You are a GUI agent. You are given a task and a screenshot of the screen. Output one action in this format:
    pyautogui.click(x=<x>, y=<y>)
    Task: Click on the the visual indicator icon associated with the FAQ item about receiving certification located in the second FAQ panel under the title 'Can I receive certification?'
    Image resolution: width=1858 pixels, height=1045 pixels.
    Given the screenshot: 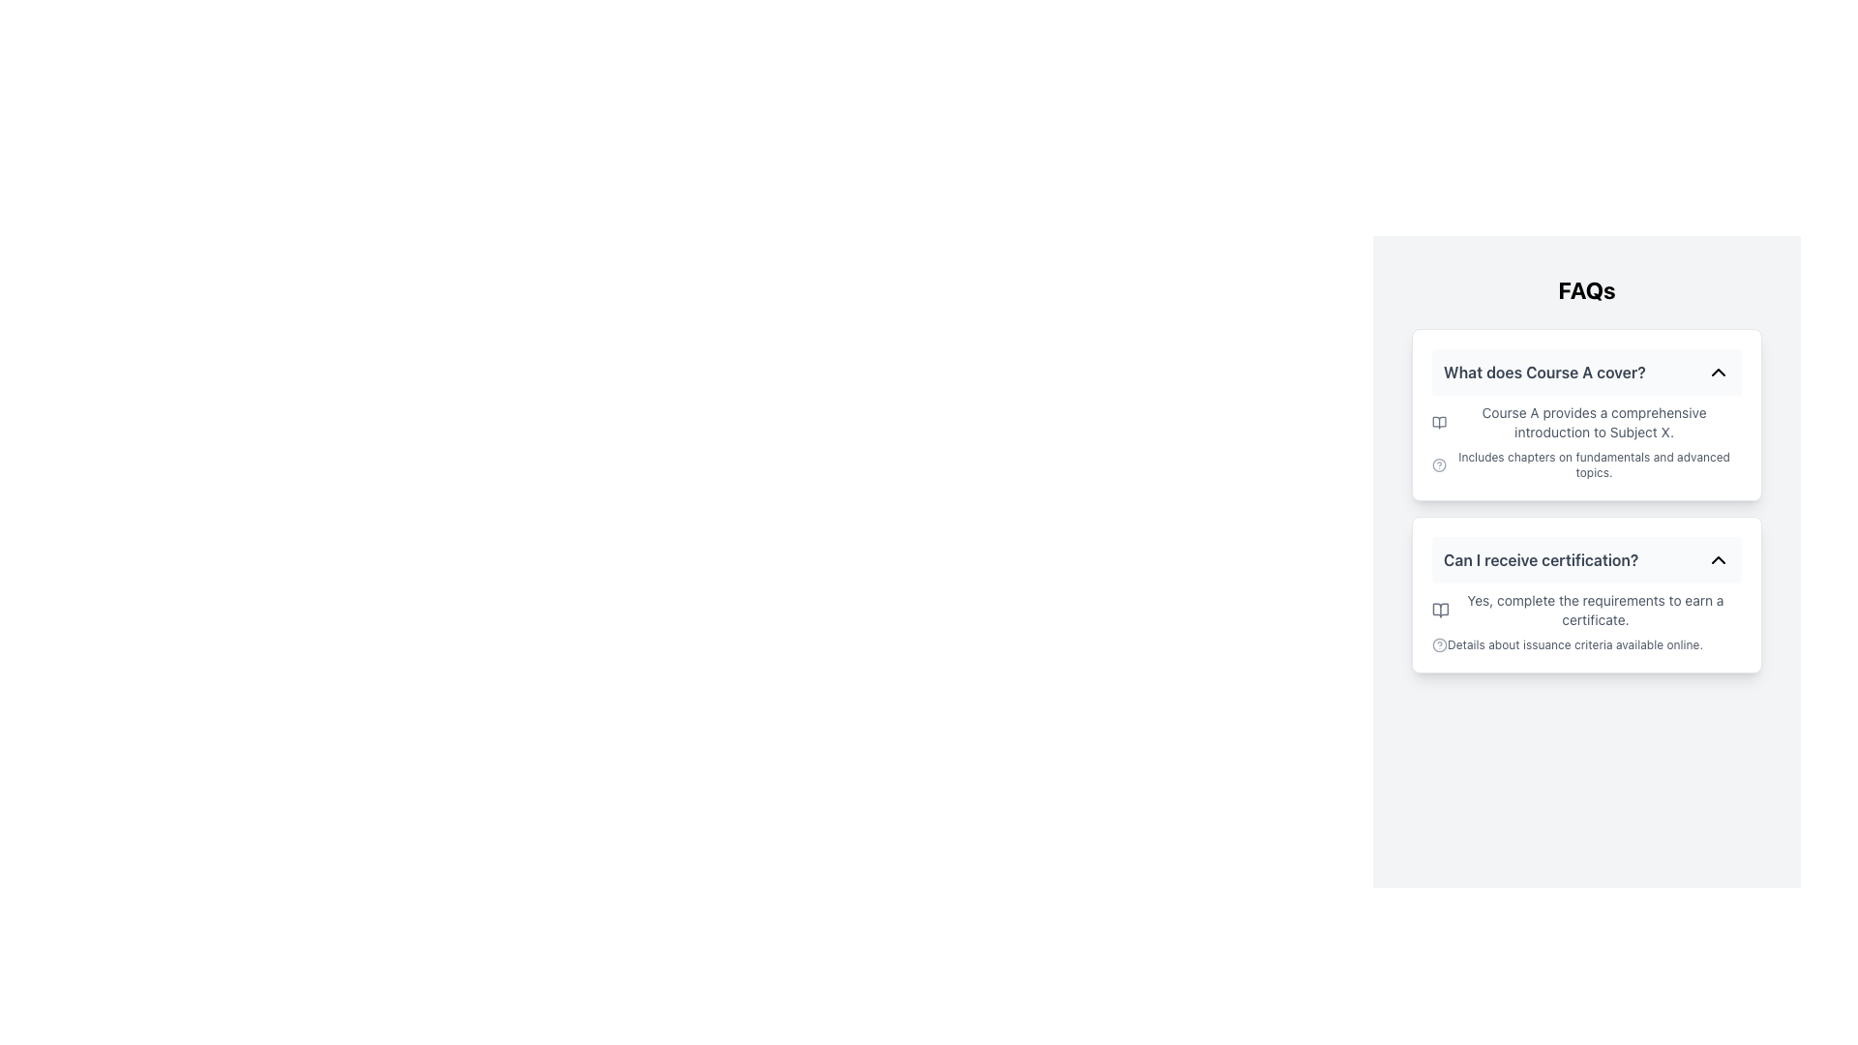 What is the action you would take?
    pyautogui.click(x=1440, y=611)
    